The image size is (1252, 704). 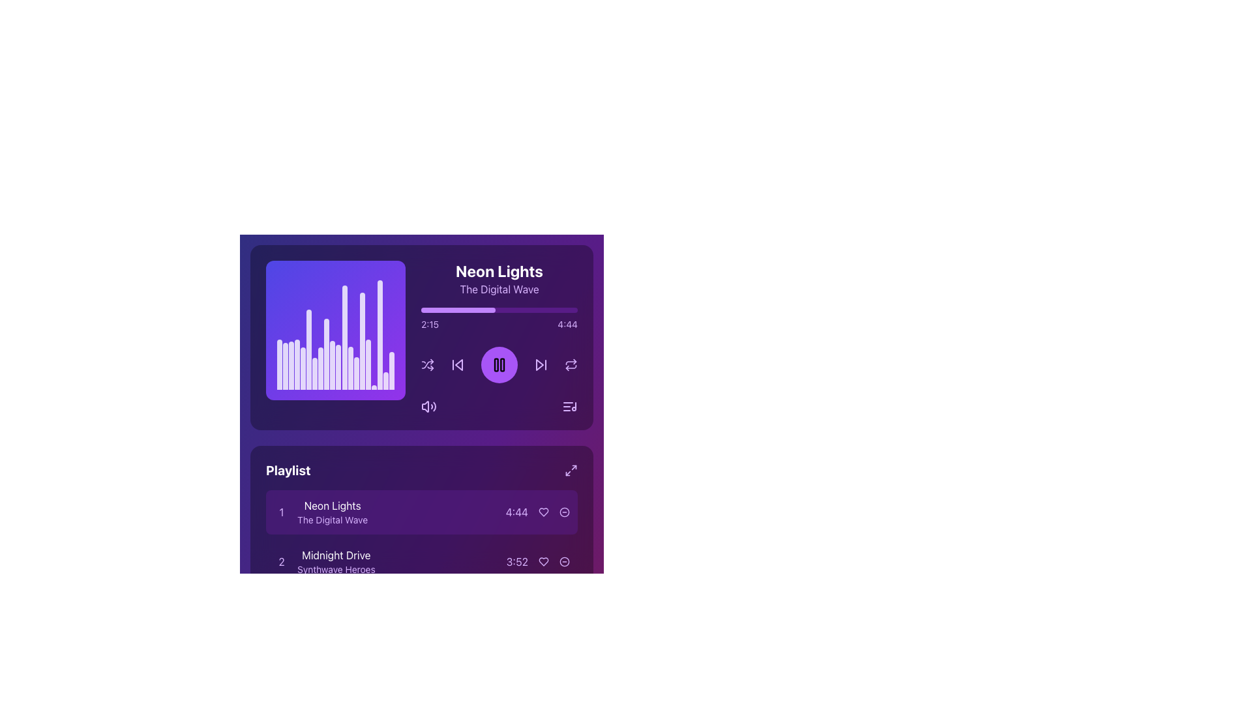 What do you see at coordinates (460, 406) in the screenshot?
I see `the volume slider` at bounding box center [460, 406].